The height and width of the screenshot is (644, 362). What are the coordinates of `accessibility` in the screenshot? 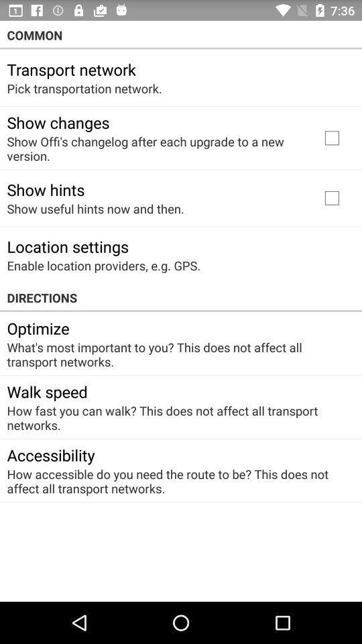 It's located at (50, 455).